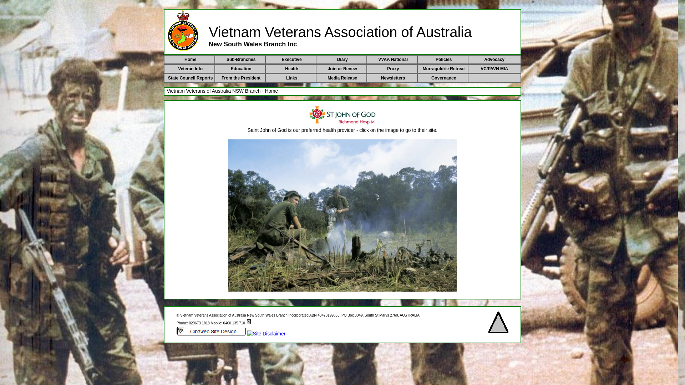  What do you see at coordinates (443, 68) in the screenshot?
I see `'Murraguldrie Retreat'` at bounding box center [443, 68].